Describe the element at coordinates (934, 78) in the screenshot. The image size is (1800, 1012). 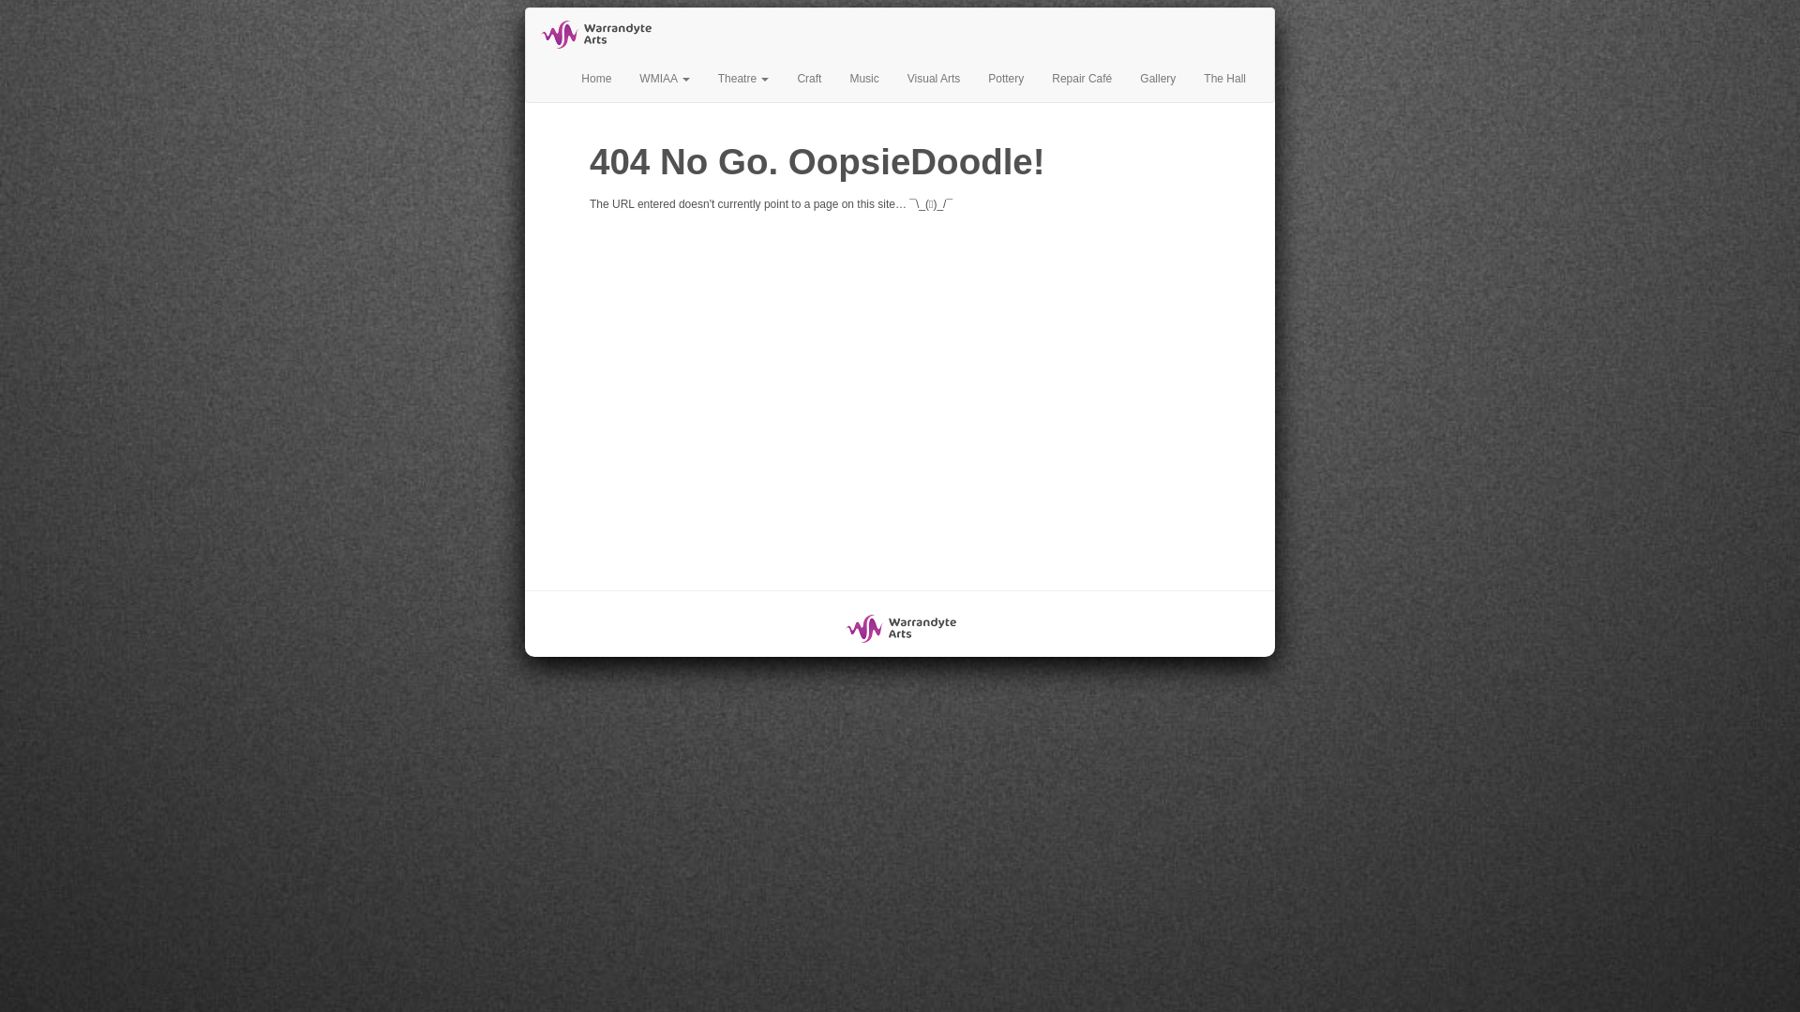
I see `'Visual Arts'` at that location.